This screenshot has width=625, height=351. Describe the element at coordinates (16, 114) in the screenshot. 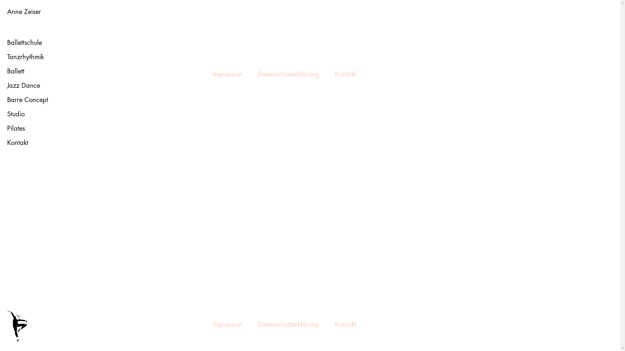

I see `'Studio'` at that location.